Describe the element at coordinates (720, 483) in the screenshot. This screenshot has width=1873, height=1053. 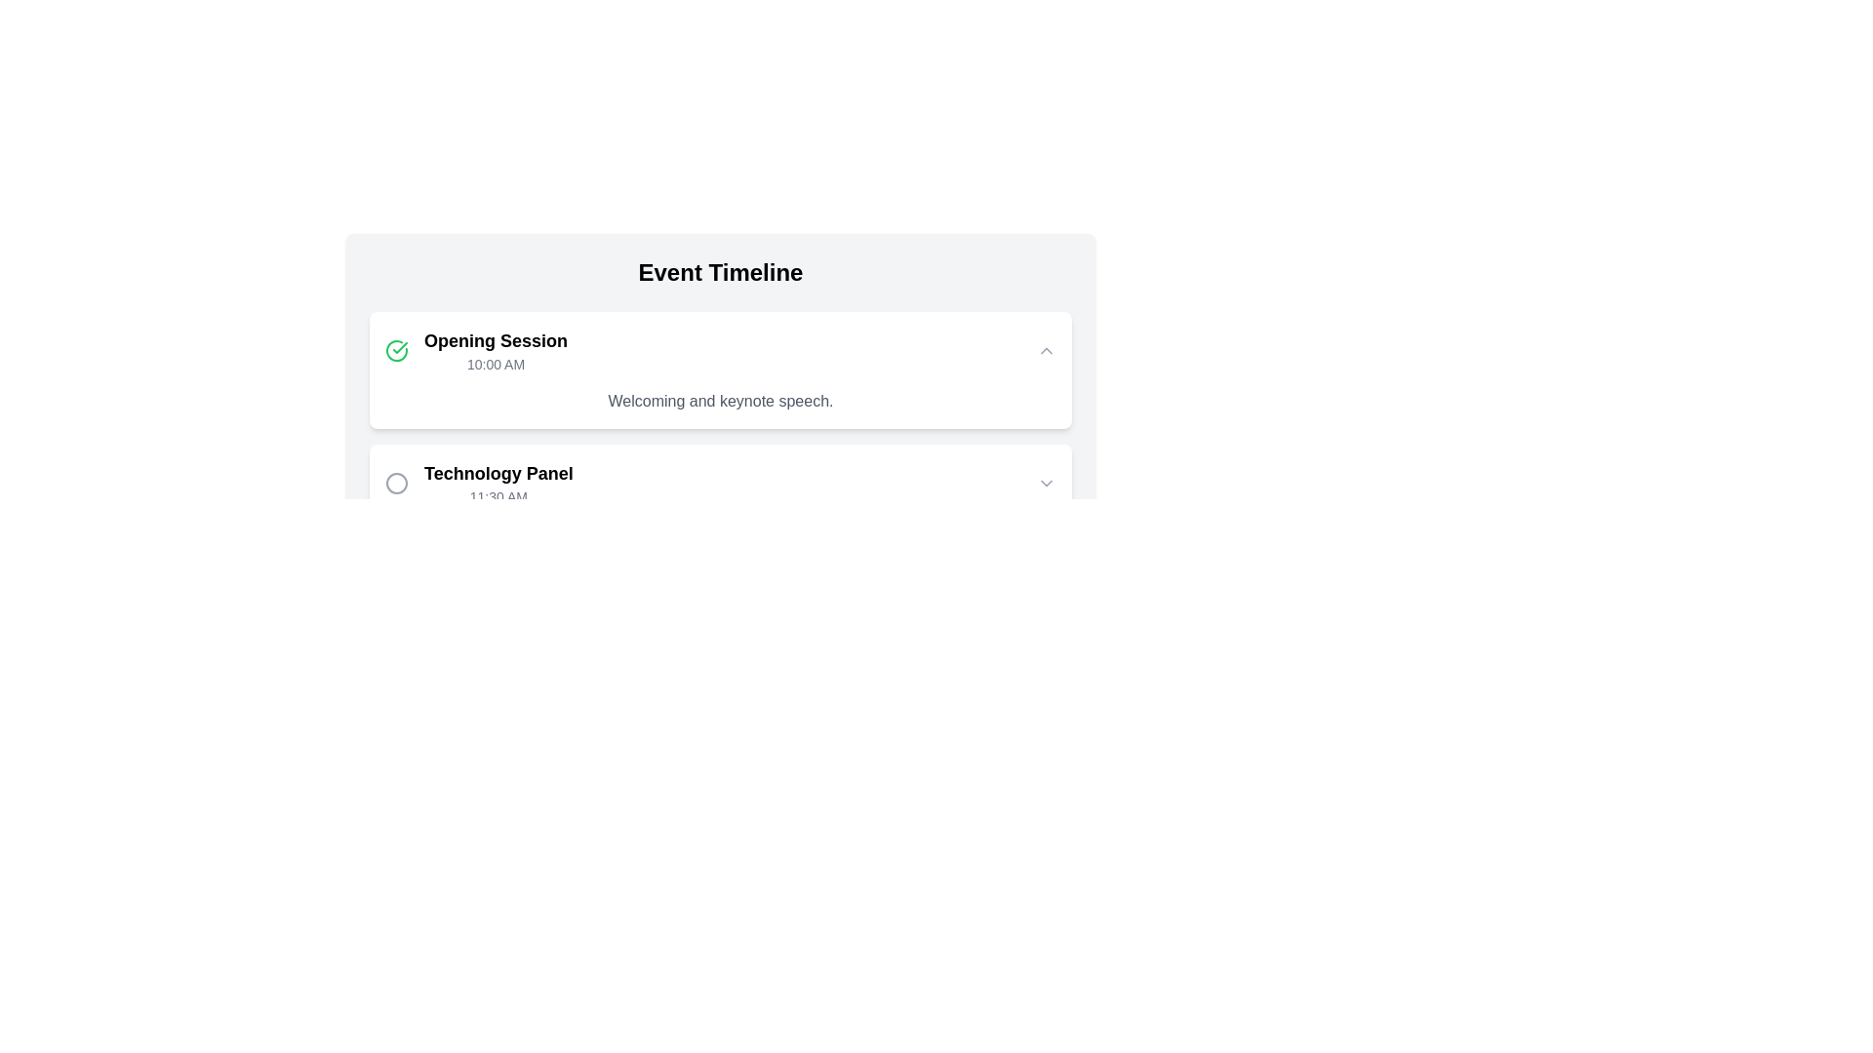
I see `the second timeline entry displaying details about the 'Technology Panel' scheduled at 11:30 AM` at that location.